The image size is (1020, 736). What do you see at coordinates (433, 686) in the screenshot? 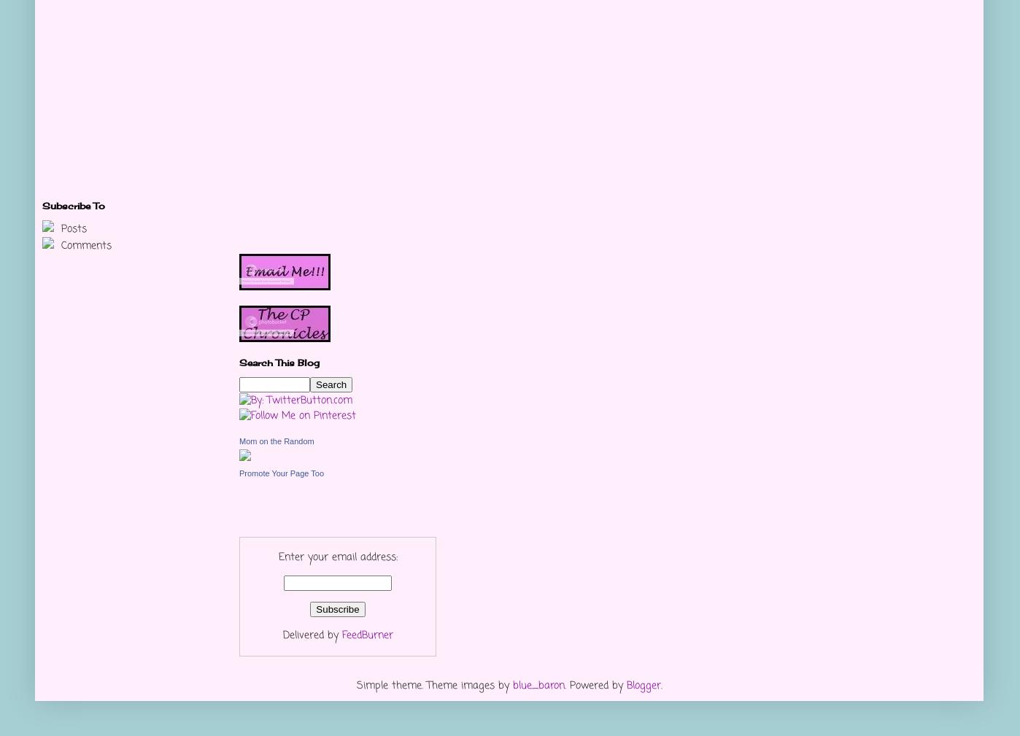
I see `'Simple theme. Theme images by'` at bounding box center [433, 686].